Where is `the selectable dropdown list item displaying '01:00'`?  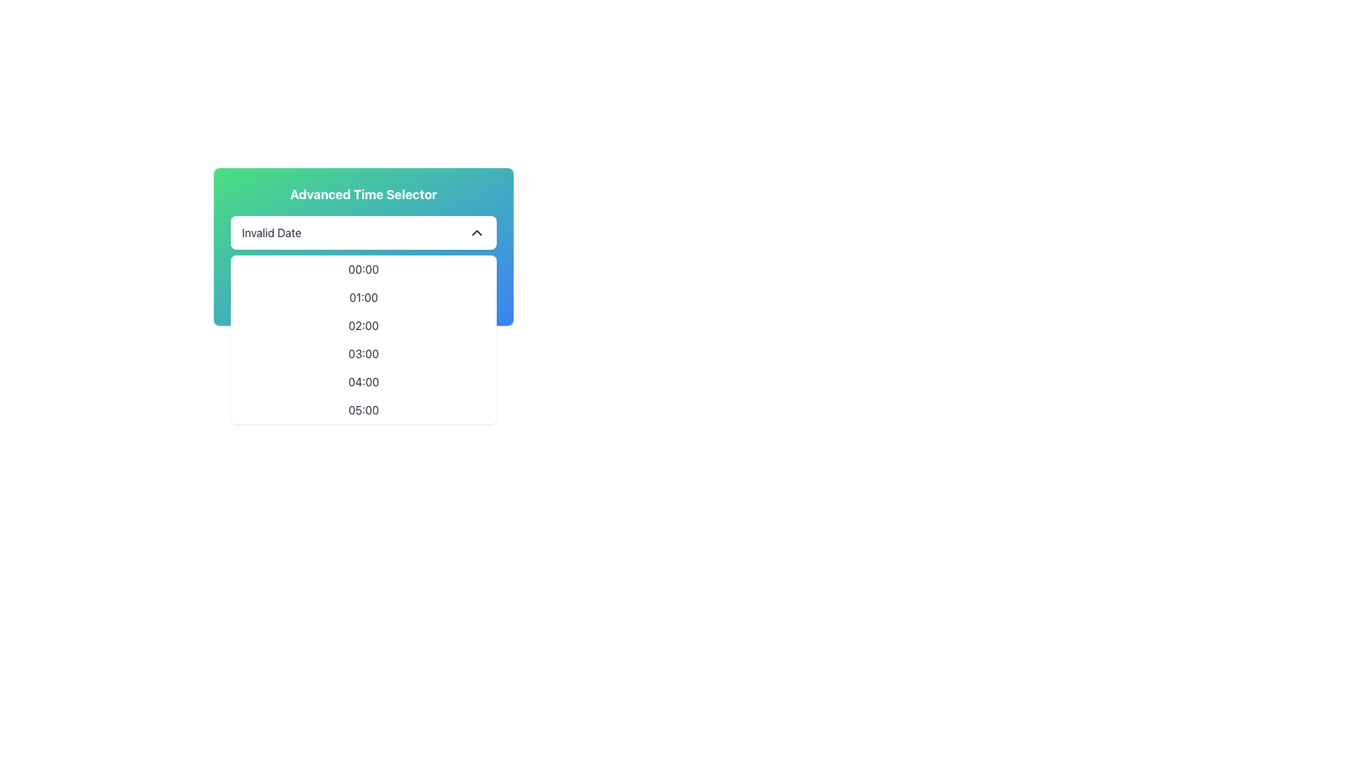 the selectable dropdown list item displaying '01:00' is located at coordinates (364, 297).